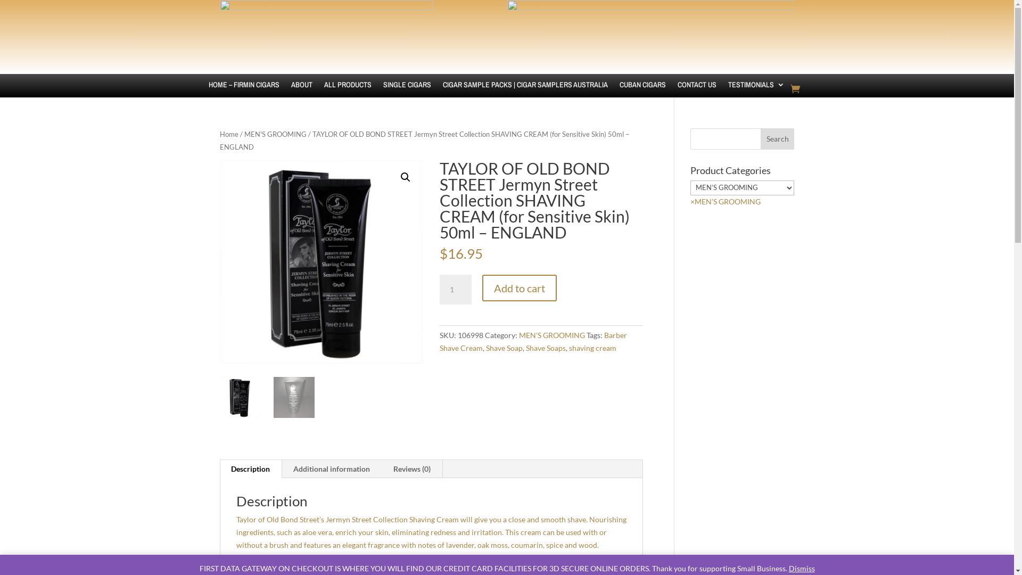 This screenshot has width=1022, height=575. What do you see at coordinates (331, 468) in the screenshot?
I see `'Additional information'` at bounding box center [331, 468].